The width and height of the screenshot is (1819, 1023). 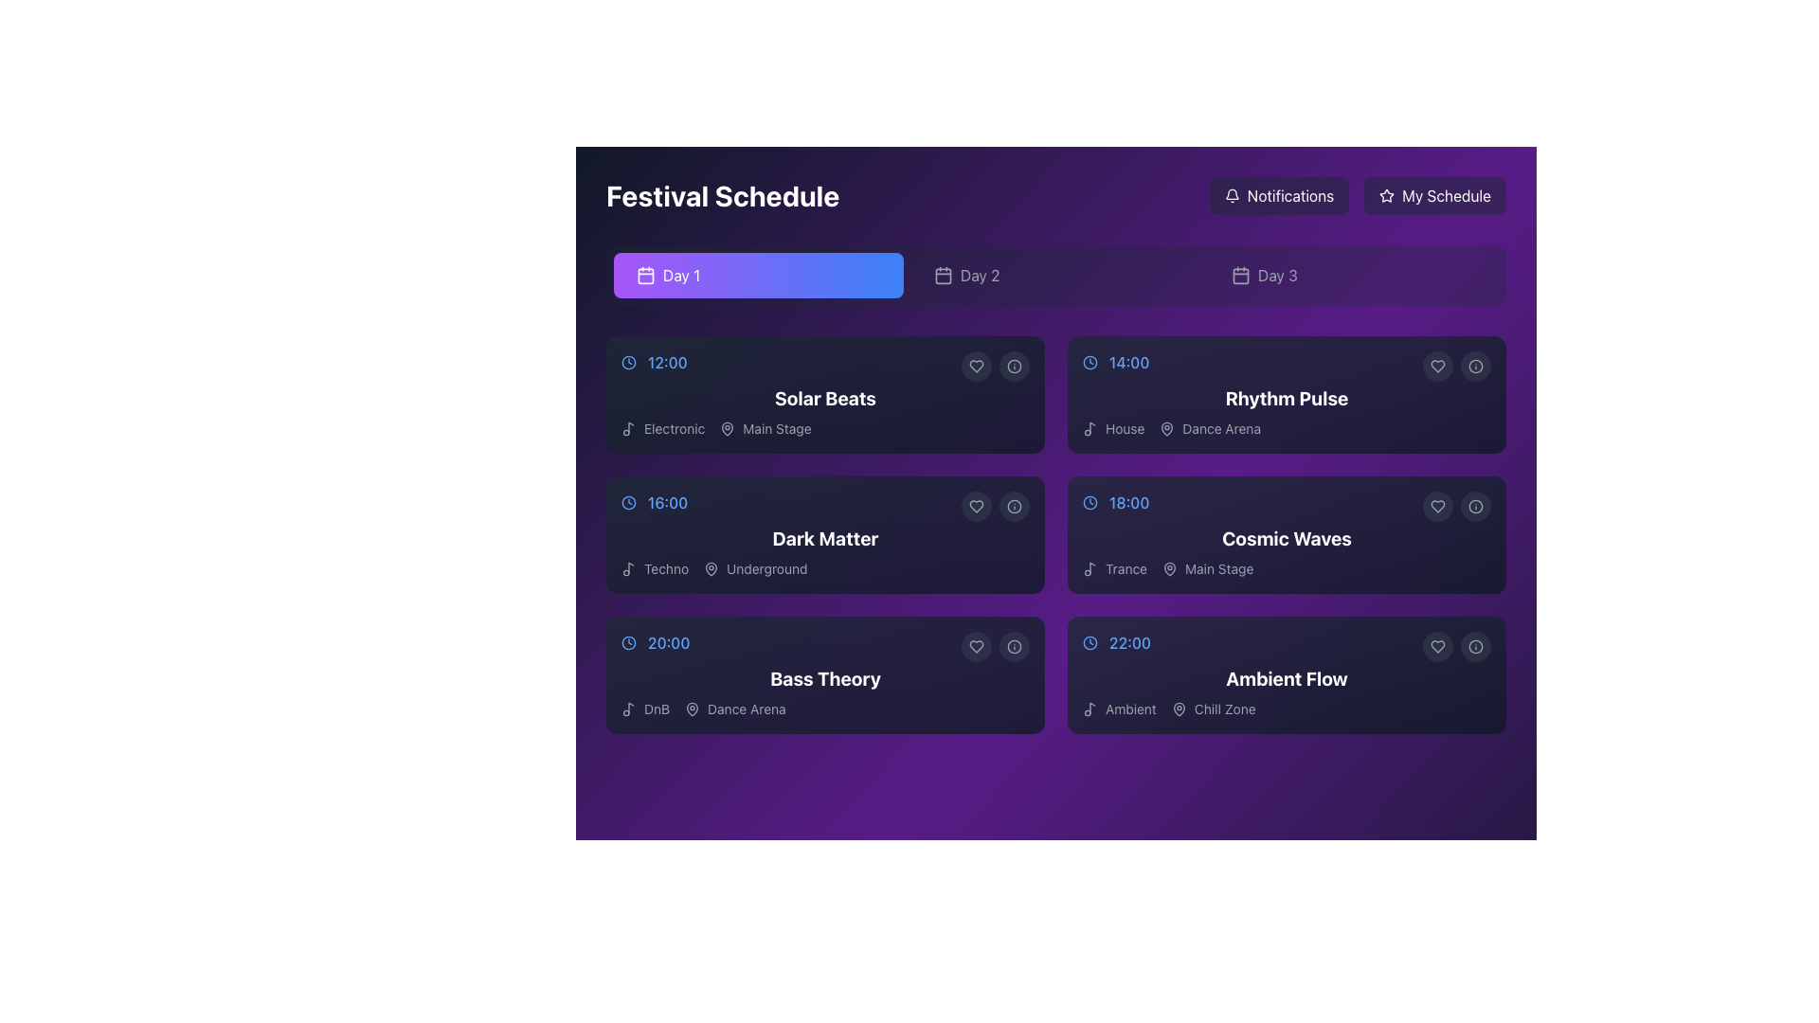 I want to click on the informational or actionable icon located in the top-right corner of the 'Solar Beats' schedule card, next to the heart-shaped icon, so click(x=1013, y=366).